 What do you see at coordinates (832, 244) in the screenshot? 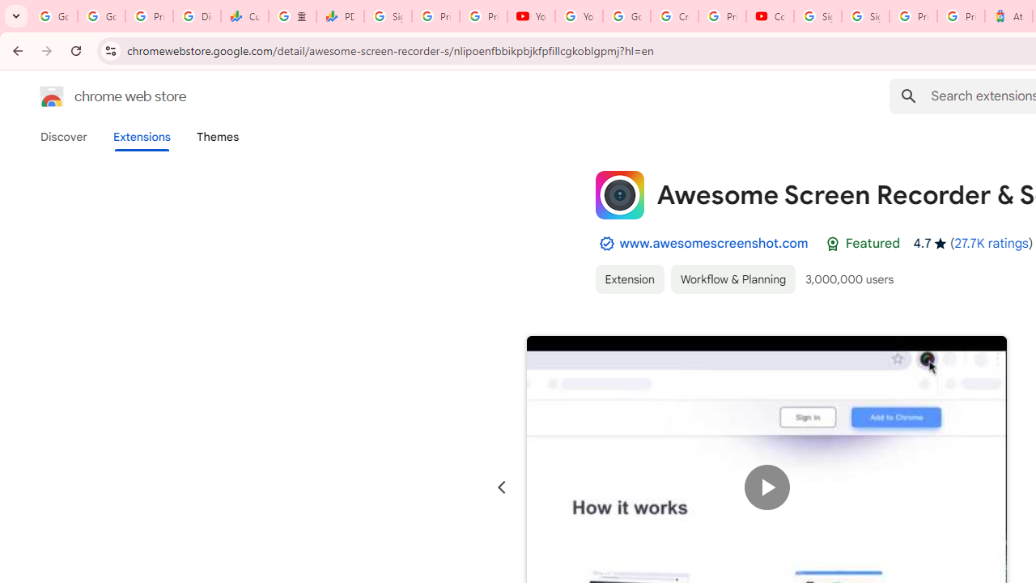
I see `'Featured Badge'` at bounding box center [832, 244].